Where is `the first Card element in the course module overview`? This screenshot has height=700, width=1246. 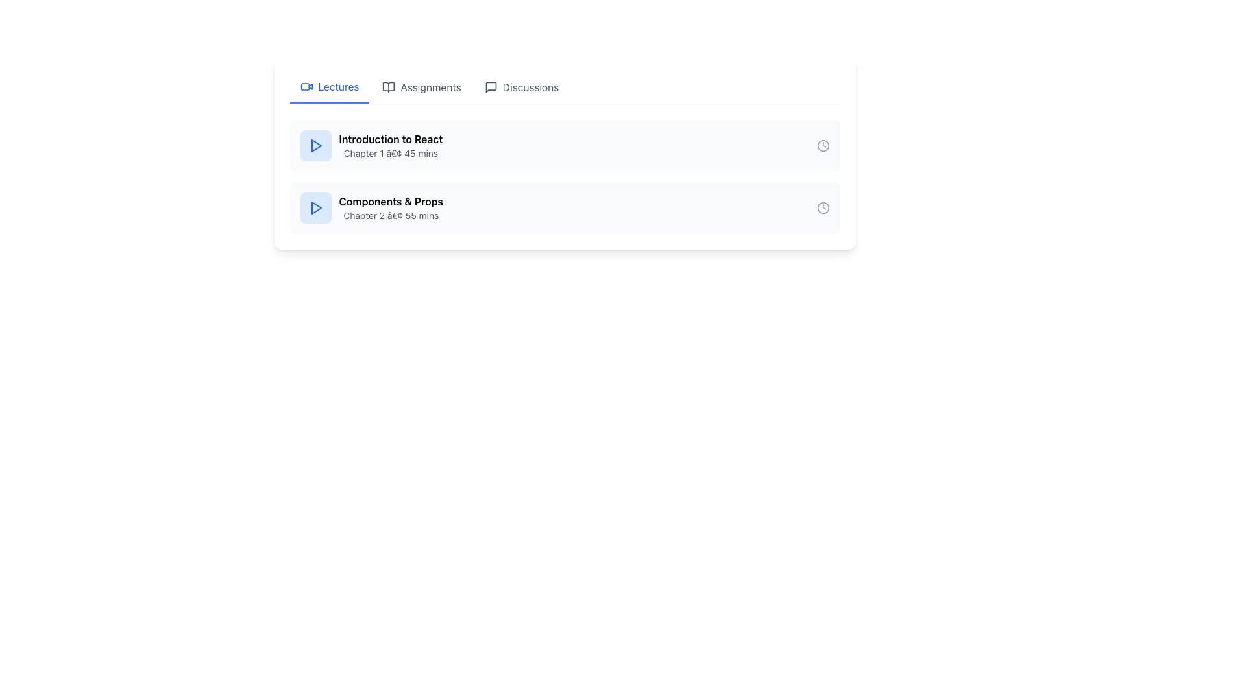 the first Card element in the course module overview is located at coordinates (565, 145).